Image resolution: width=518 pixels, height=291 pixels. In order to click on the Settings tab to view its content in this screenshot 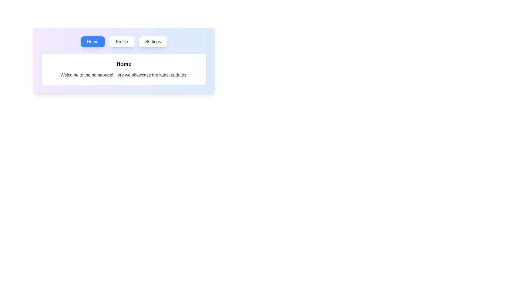, I will do `click(153, 41)`.